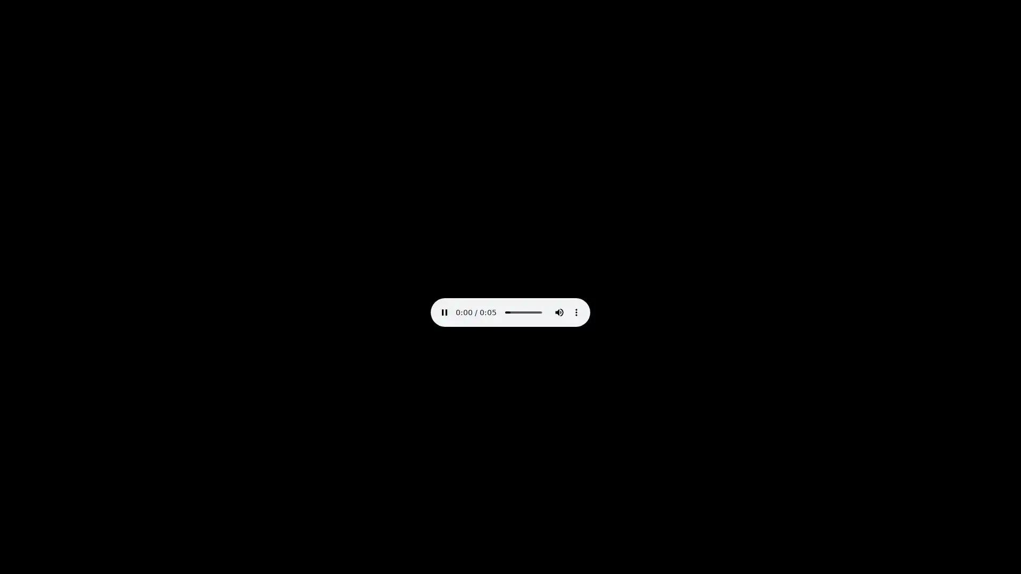 The image size is (1021, 574). Describe the element at coordinates (558, 311) in the screenshot. I see `mute` at that location.